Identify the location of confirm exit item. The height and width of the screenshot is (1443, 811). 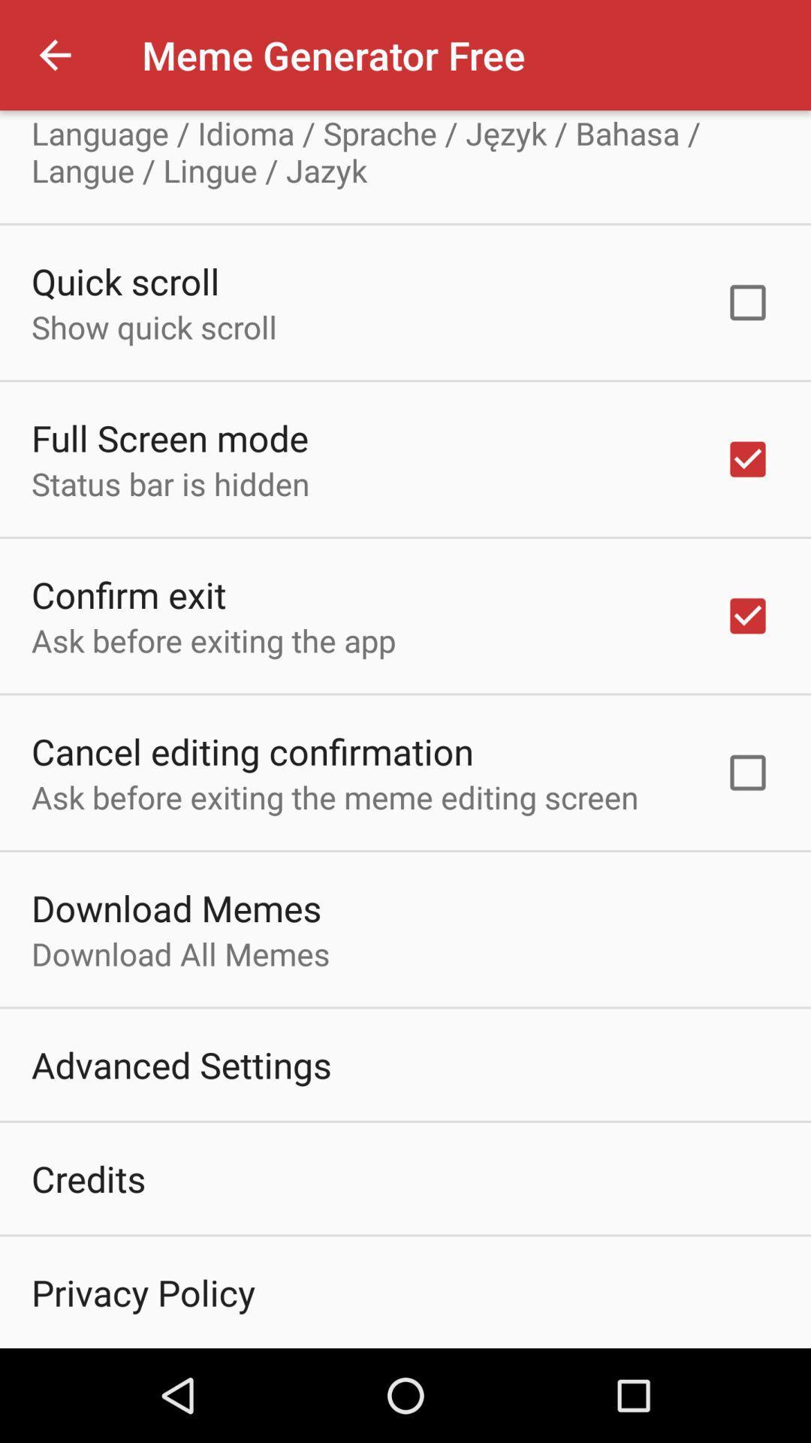
(128, 594).